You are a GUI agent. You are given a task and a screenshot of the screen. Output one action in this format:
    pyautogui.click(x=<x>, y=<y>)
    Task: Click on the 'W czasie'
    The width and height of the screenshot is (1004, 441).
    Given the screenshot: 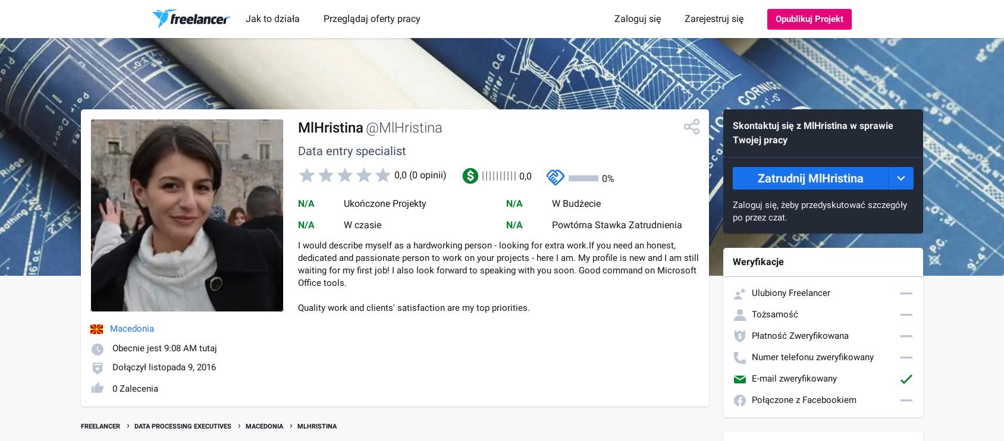 What is the action you would take?
    pyautogui.click(x=362, y=224)
    